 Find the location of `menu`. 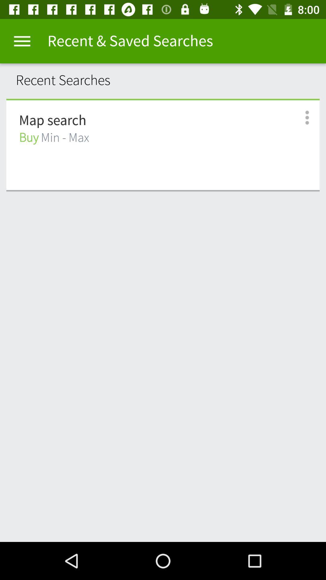

menu is located at coordinates (22, 41).